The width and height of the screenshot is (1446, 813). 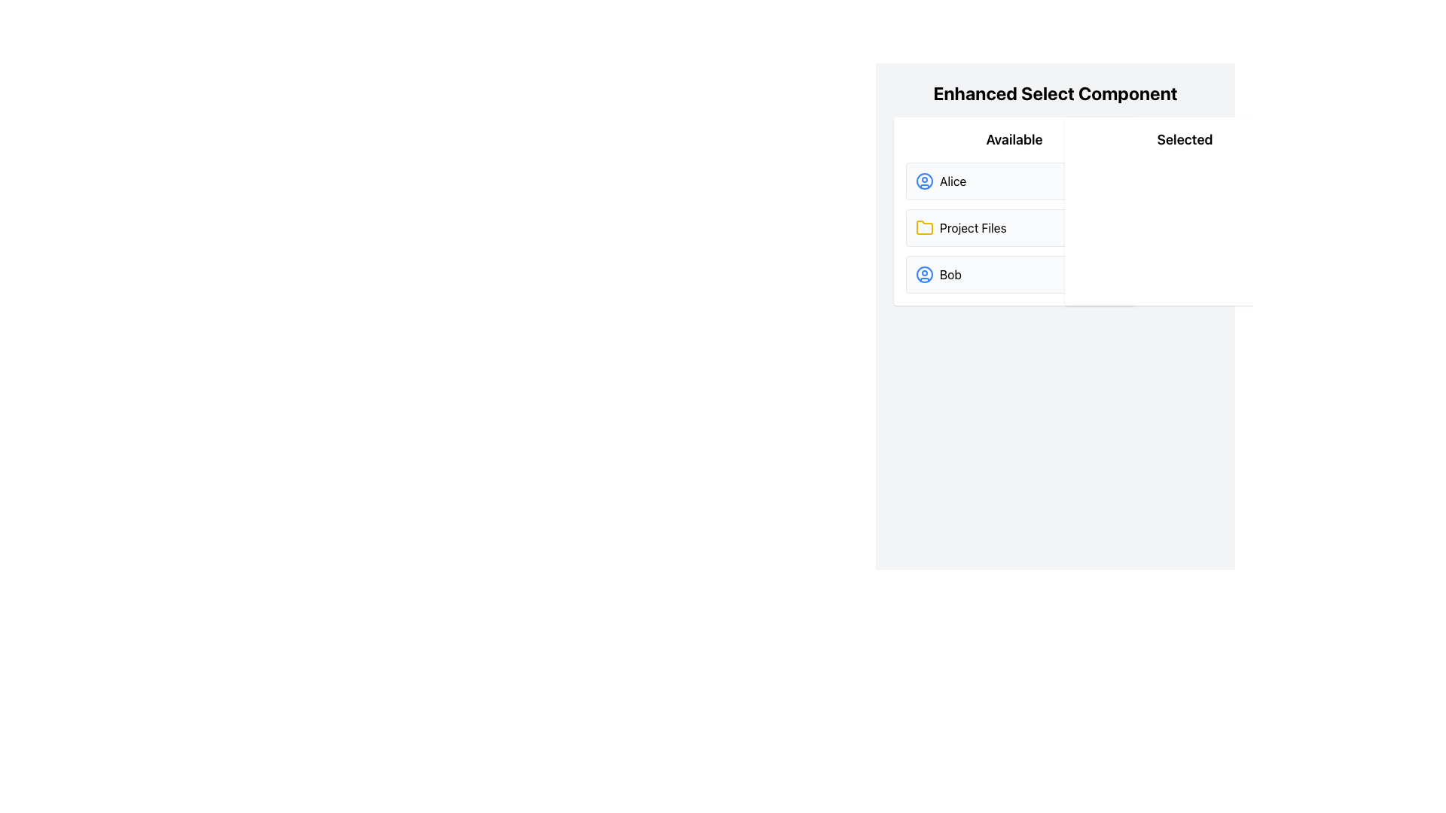 I want to click on the 'Project Files' group item located, so click(x=1014, y=228).